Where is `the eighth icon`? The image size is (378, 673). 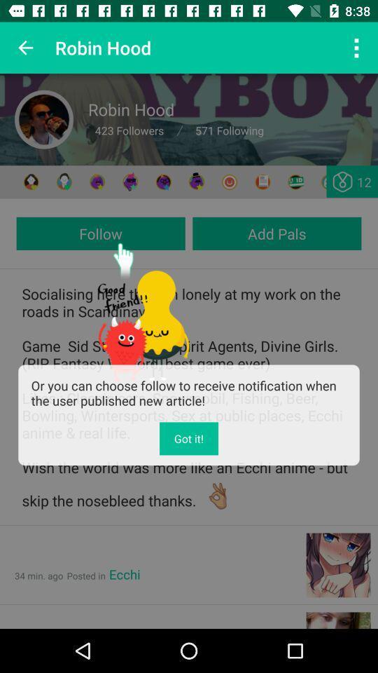 the eighth icon is located at coordinates (262, 181).